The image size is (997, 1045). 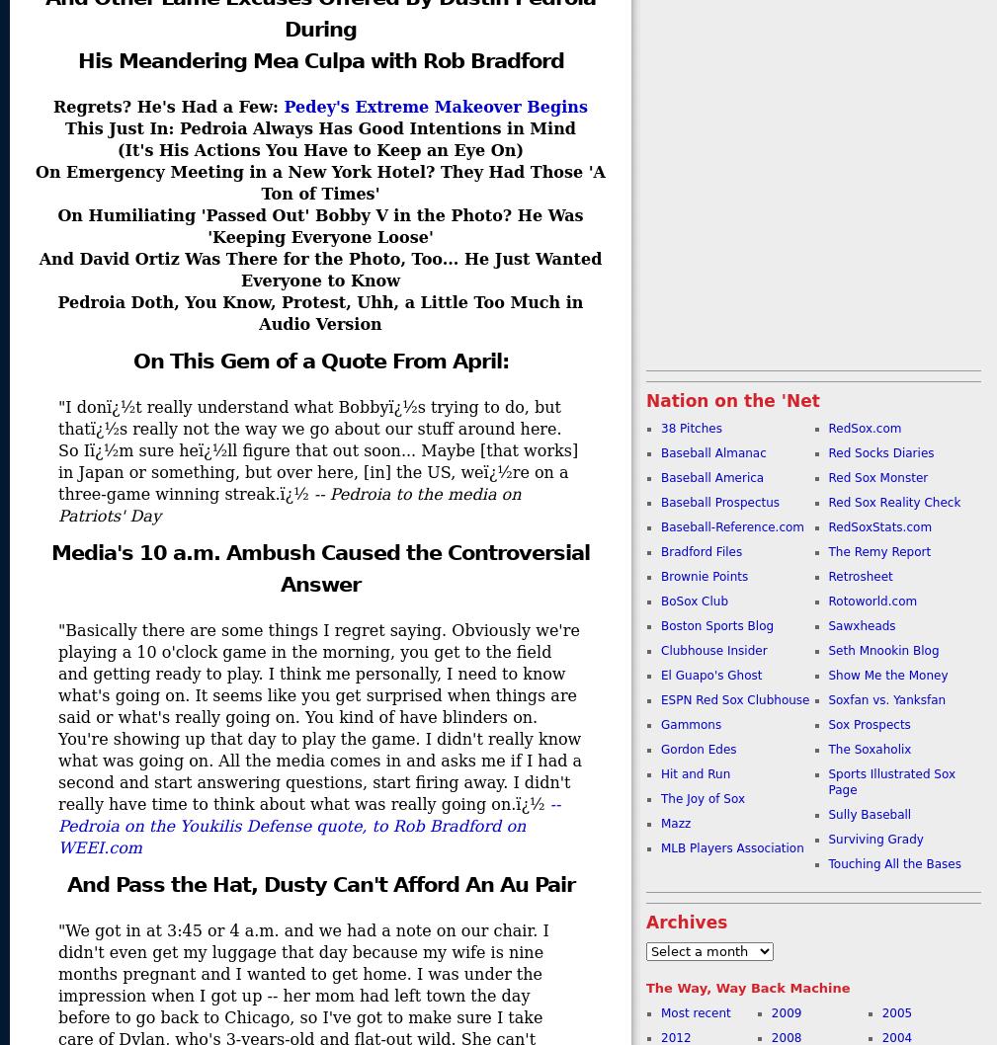 What do you see at coordinates (711, 674) in the screenshot?
I see `'El Guapo's Ghost'` at bounding box center [711, 674].